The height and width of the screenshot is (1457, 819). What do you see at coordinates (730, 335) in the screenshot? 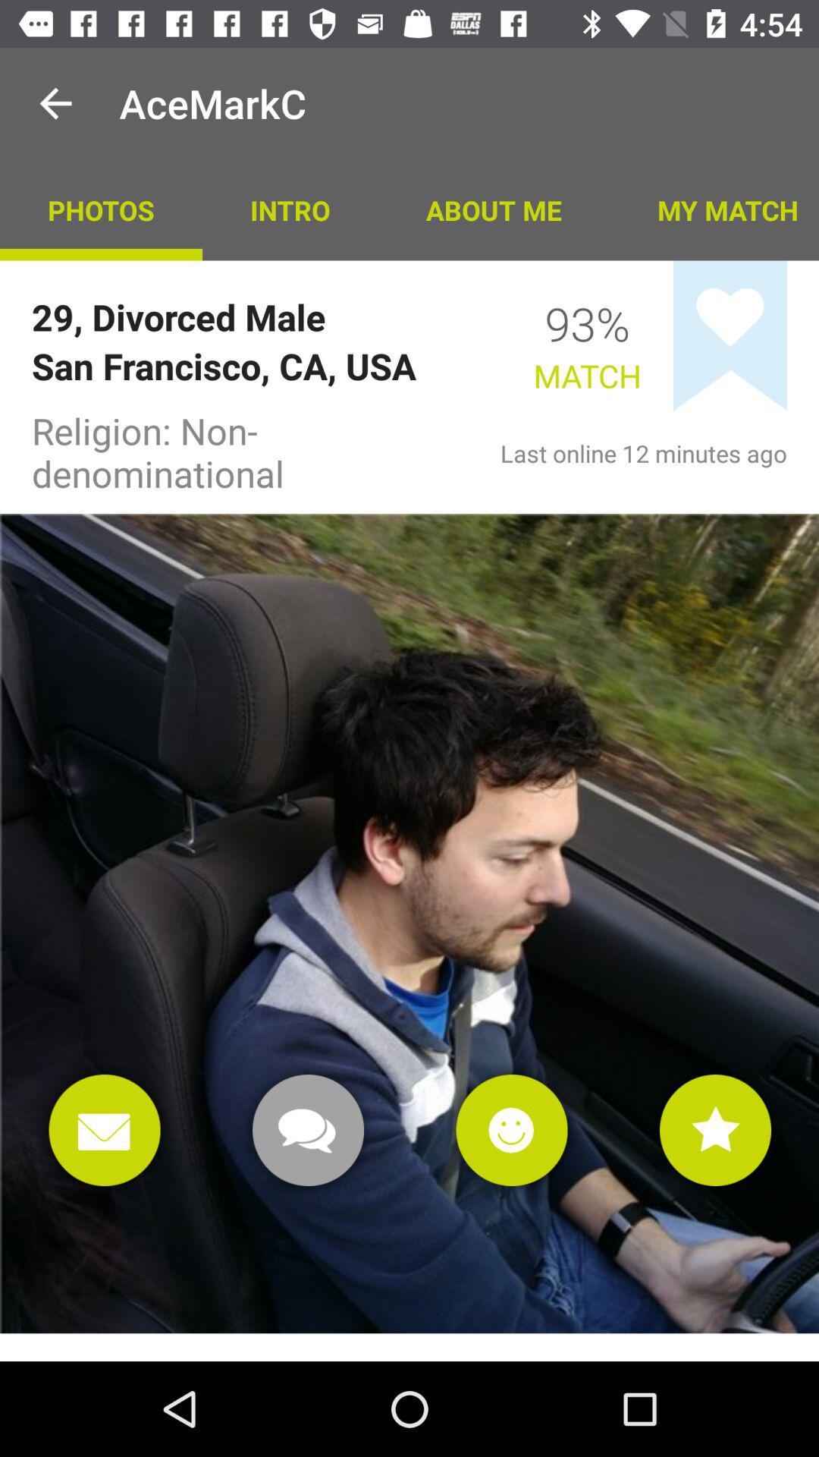
I see `app below my match` at bounding box center [730, 335].